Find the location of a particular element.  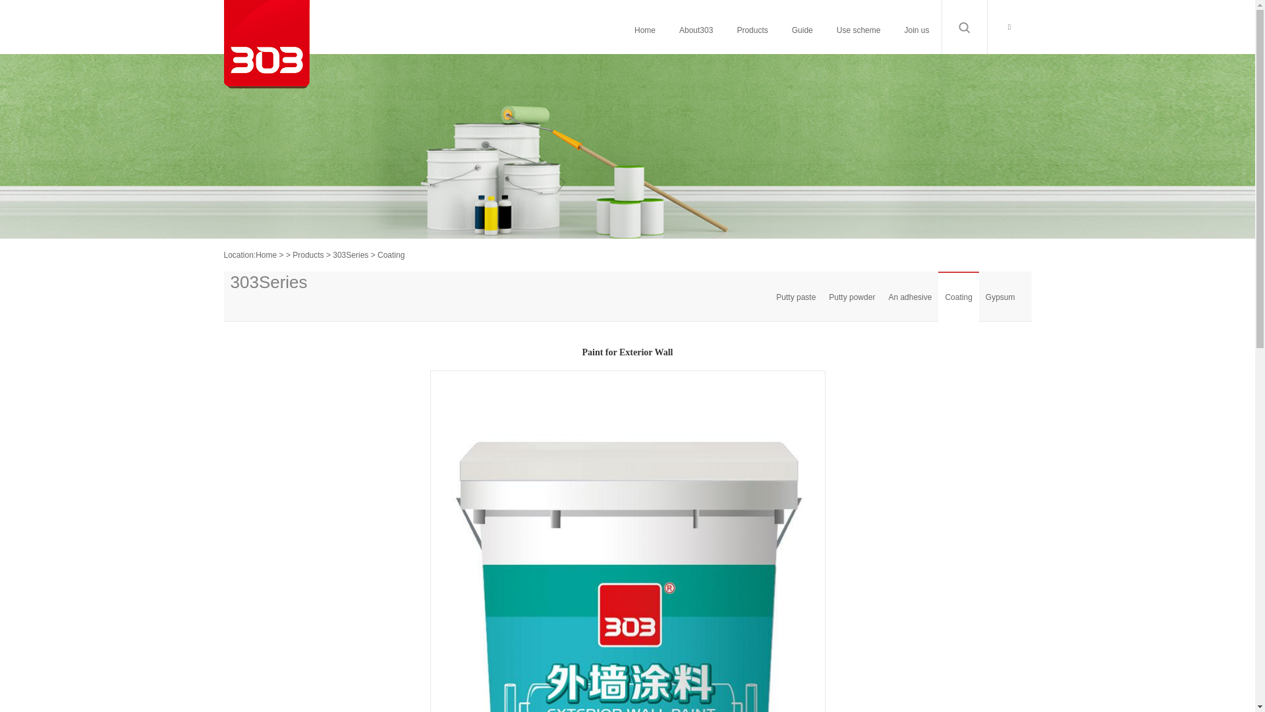

'About303' is located at coordinates (695, 30).